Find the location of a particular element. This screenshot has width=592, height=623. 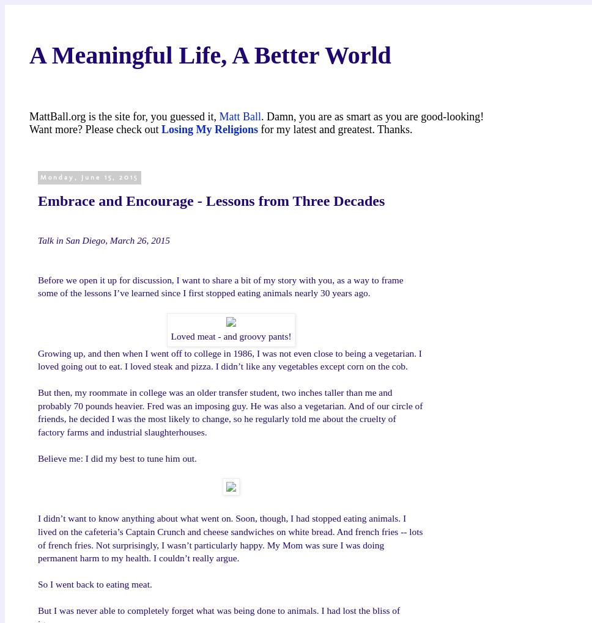

'A Meaningful Life, A Better World' is located at coordinates (210, 54).